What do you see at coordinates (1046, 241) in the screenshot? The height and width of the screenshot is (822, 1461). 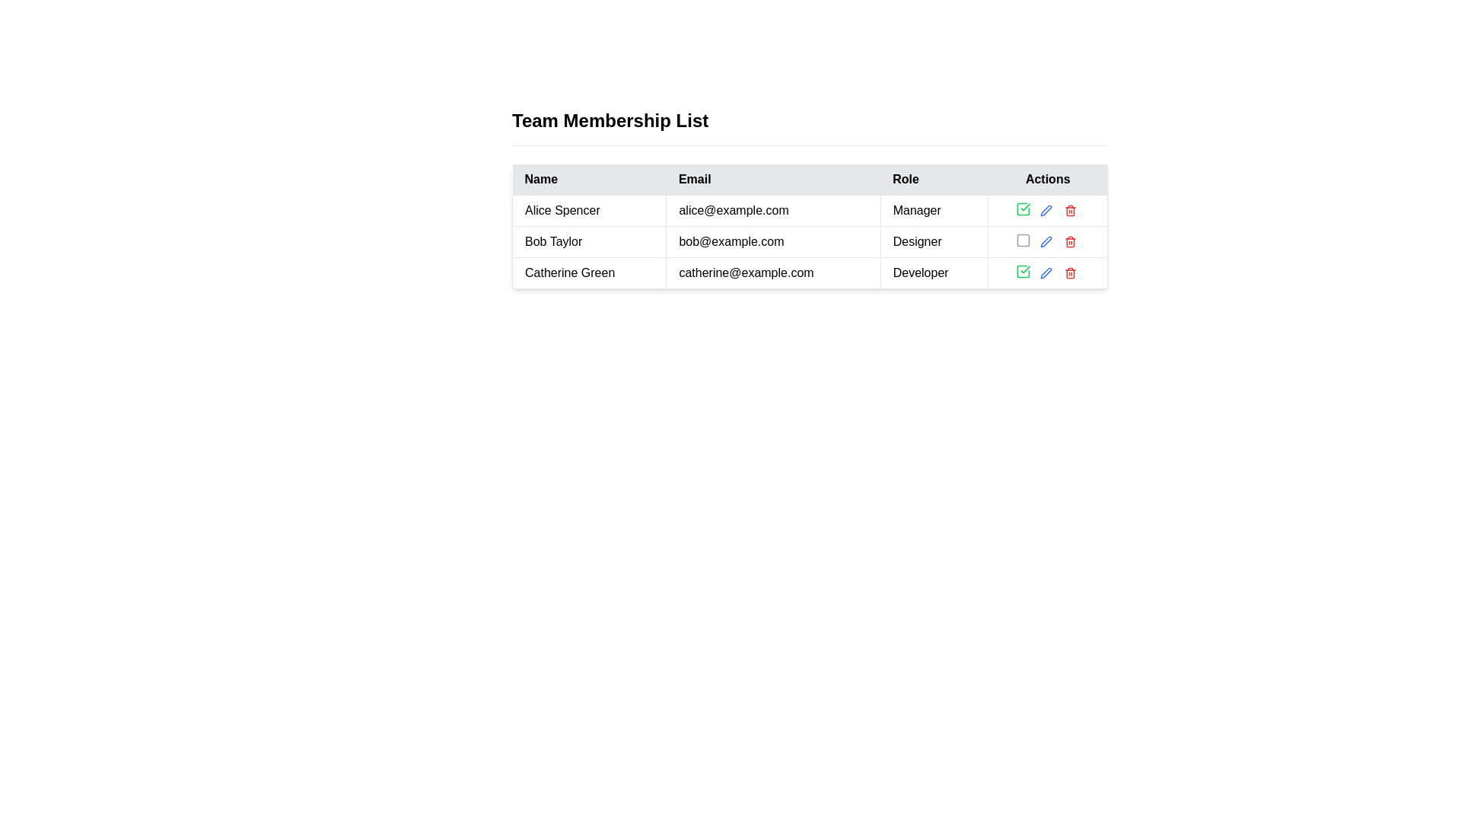 I see `the small blue pen icon styled as an interactive edit button located in the 'Actions' column for the row corresponding to 'Bob Taylor'` at bounding box center [1046, 241].